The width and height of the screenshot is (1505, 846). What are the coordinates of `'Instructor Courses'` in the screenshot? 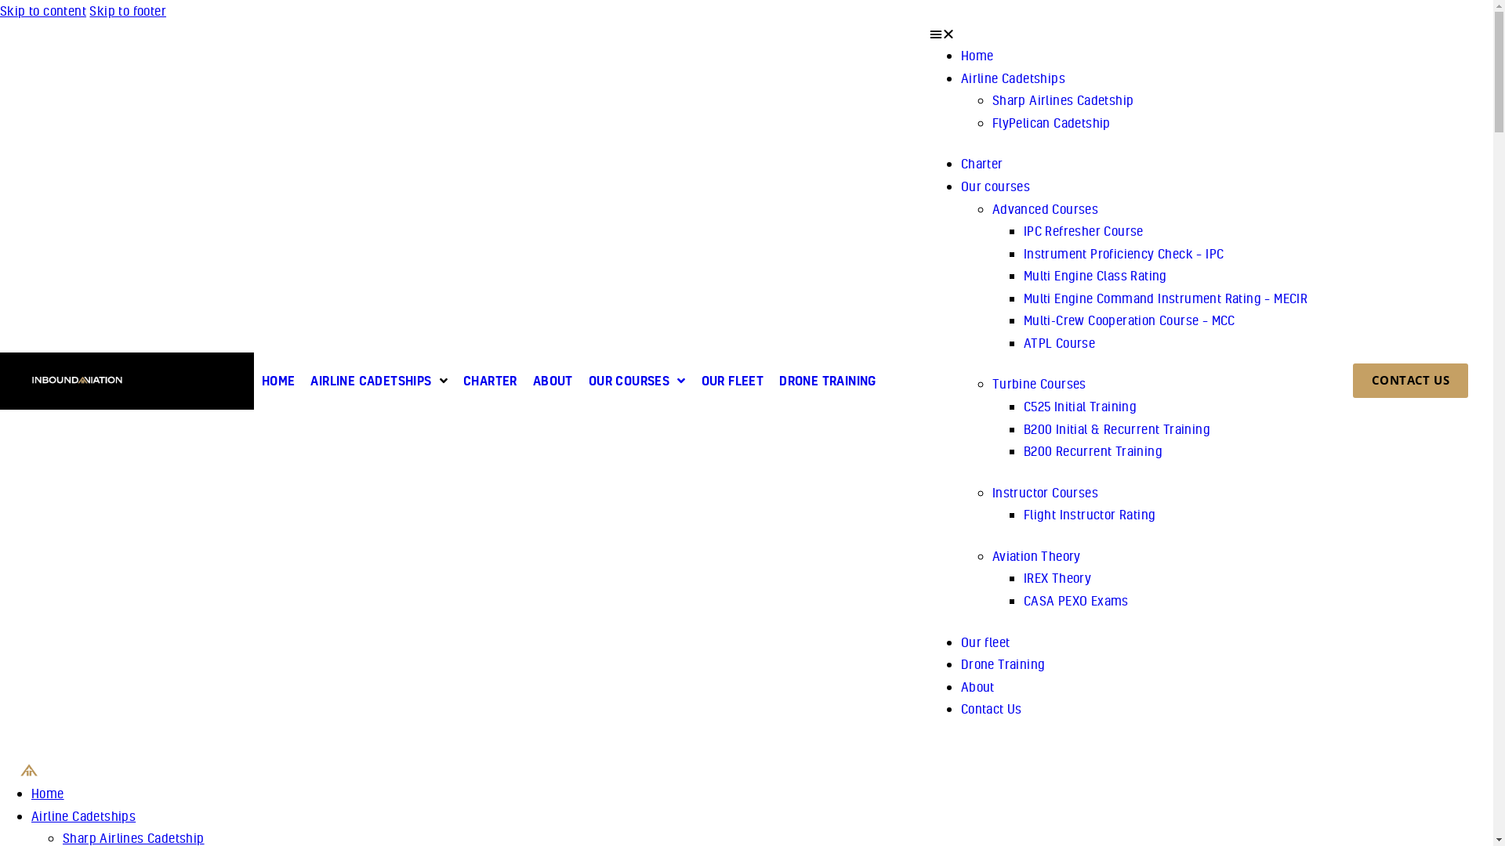 It's located at (1045, 491).